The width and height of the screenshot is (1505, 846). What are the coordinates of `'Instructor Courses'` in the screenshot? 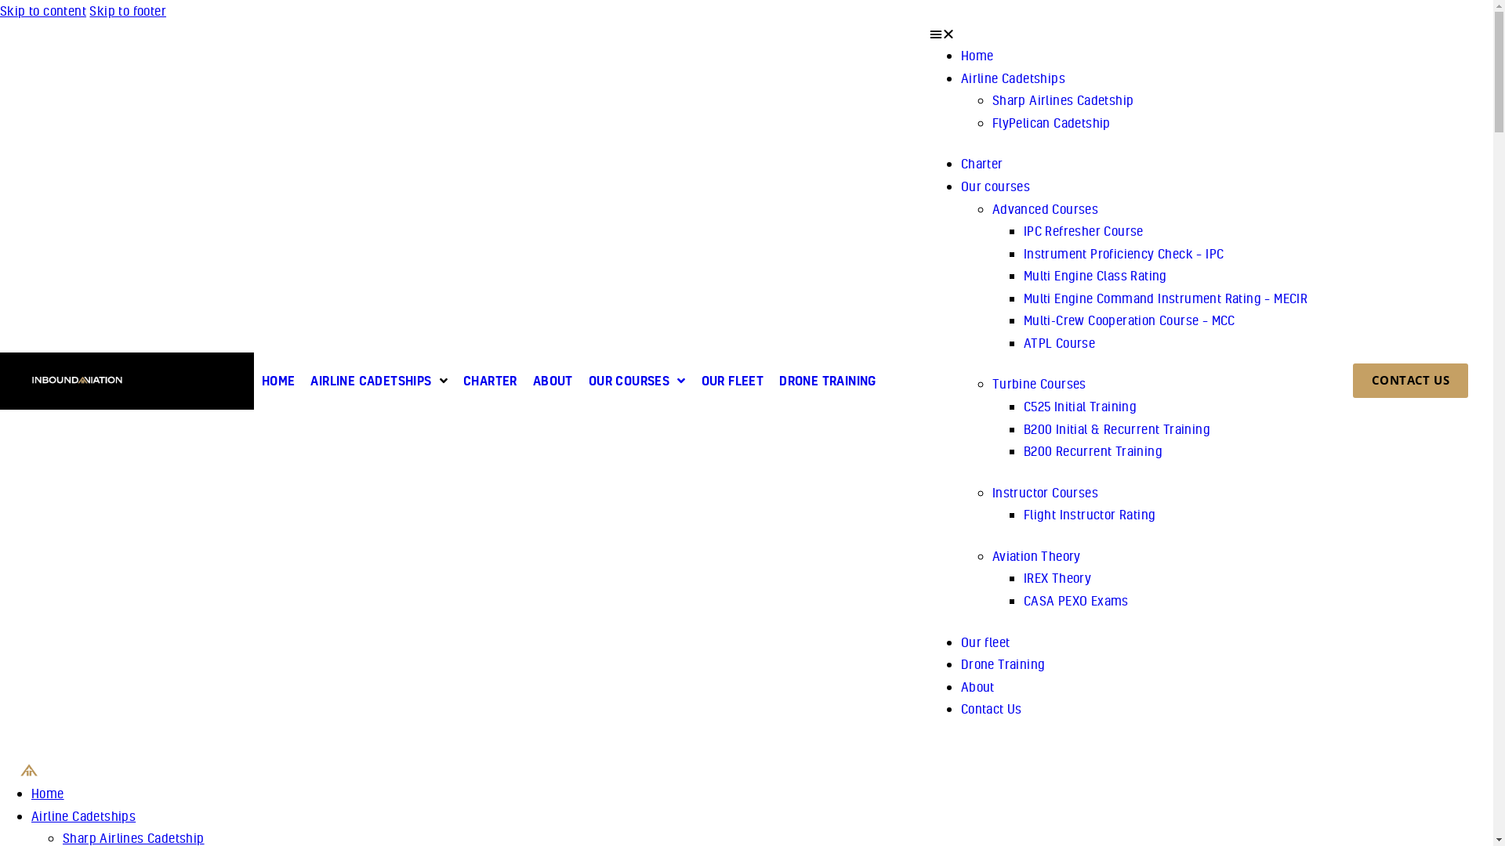 It's located at (1045, 491).